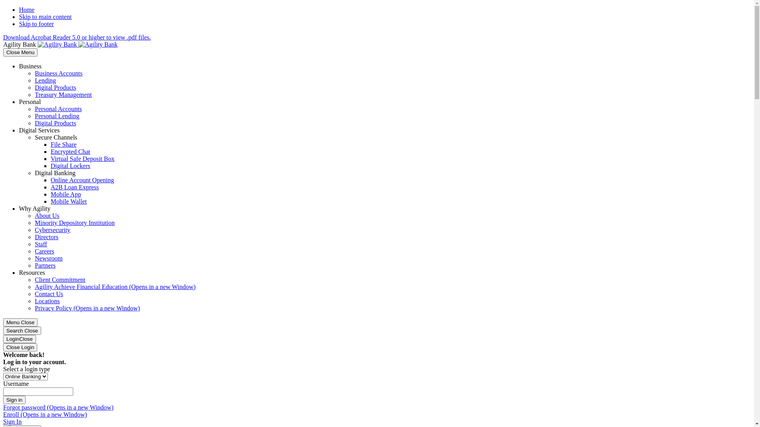 Image resolution: width=760 pixels, height=427 pixels. What do you see at coordinates (115, 287) in the screenshot?
I see `'Agility Achieve Financial Education (Opens in a new Window)'` at bounding box center [115, 287].